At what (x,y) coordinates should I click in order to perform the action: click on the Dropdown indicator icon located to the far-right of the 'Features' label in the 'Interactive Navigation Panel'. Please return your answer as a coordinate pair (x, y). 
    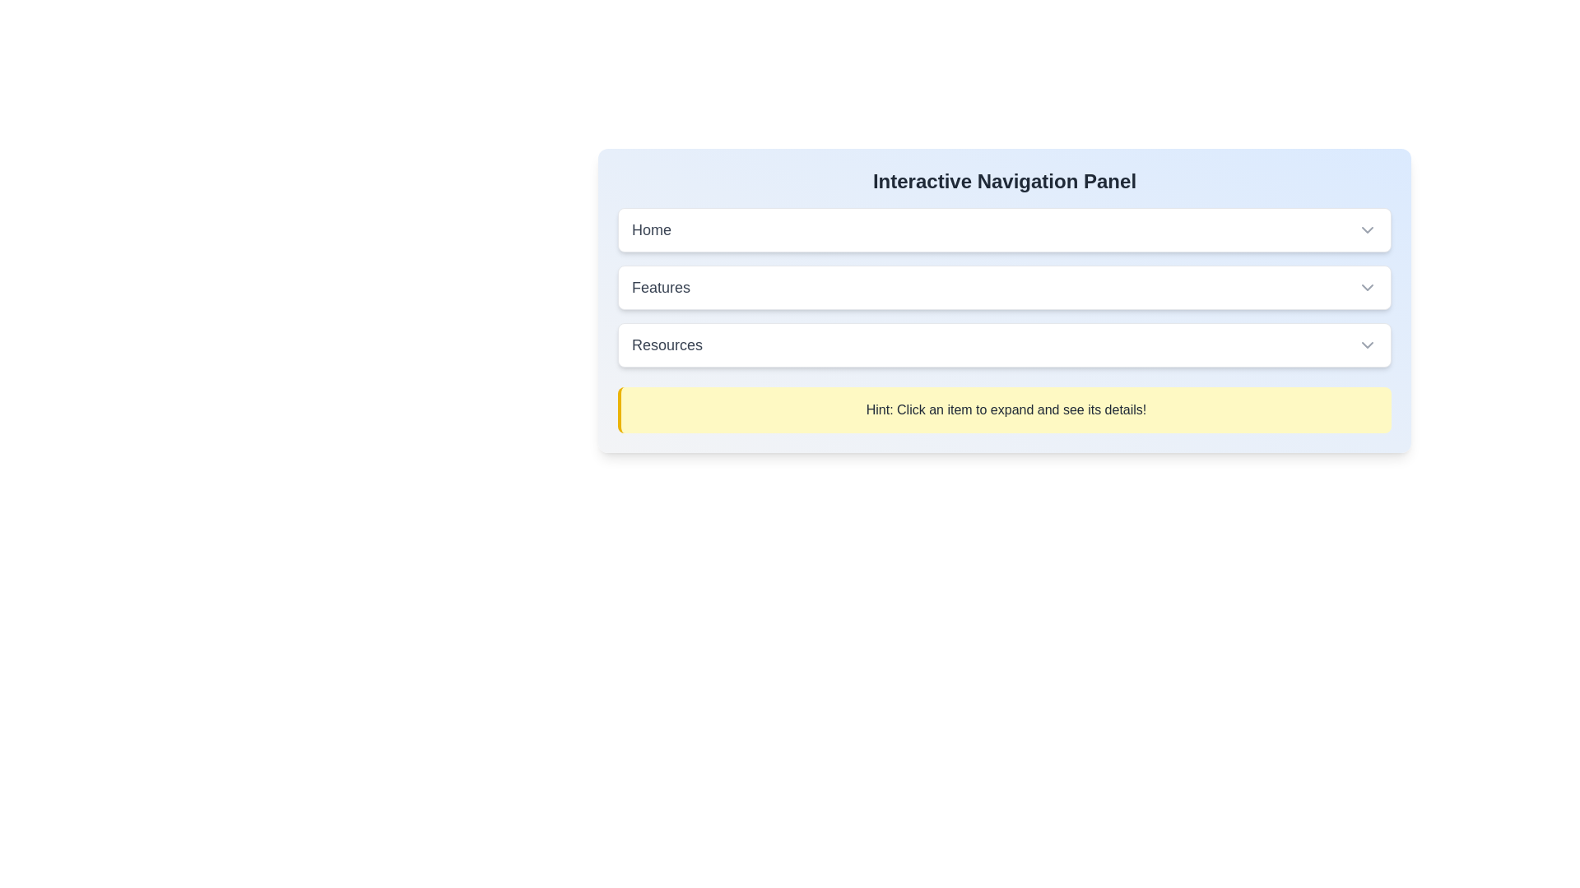
    Looking at the image, I should click on (1367, 287).